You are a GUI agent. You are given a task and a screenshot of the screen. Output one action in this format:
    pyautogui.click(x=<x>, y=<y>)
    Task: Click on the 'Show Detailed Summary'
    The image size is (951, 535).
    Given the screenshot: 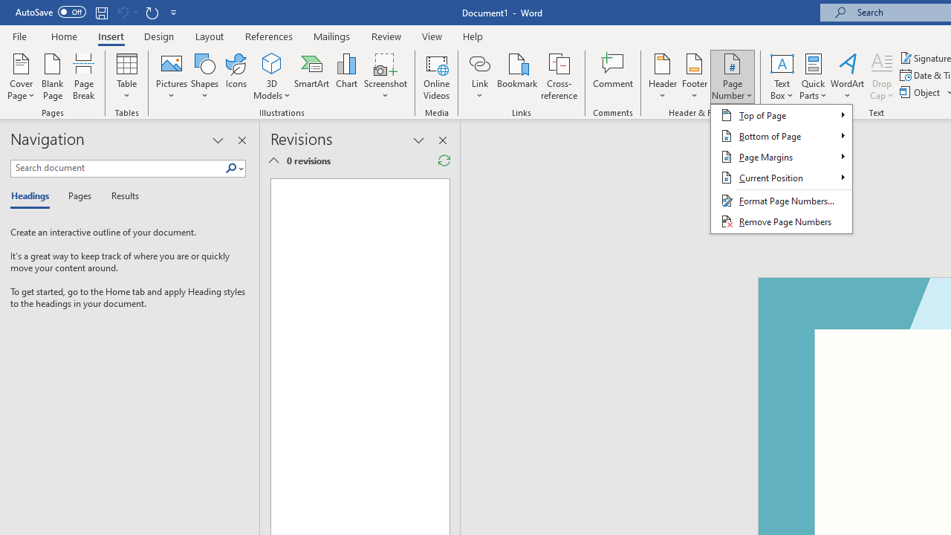 What is the action you would take?
    pyautogui.click(x=274, y=160)
    